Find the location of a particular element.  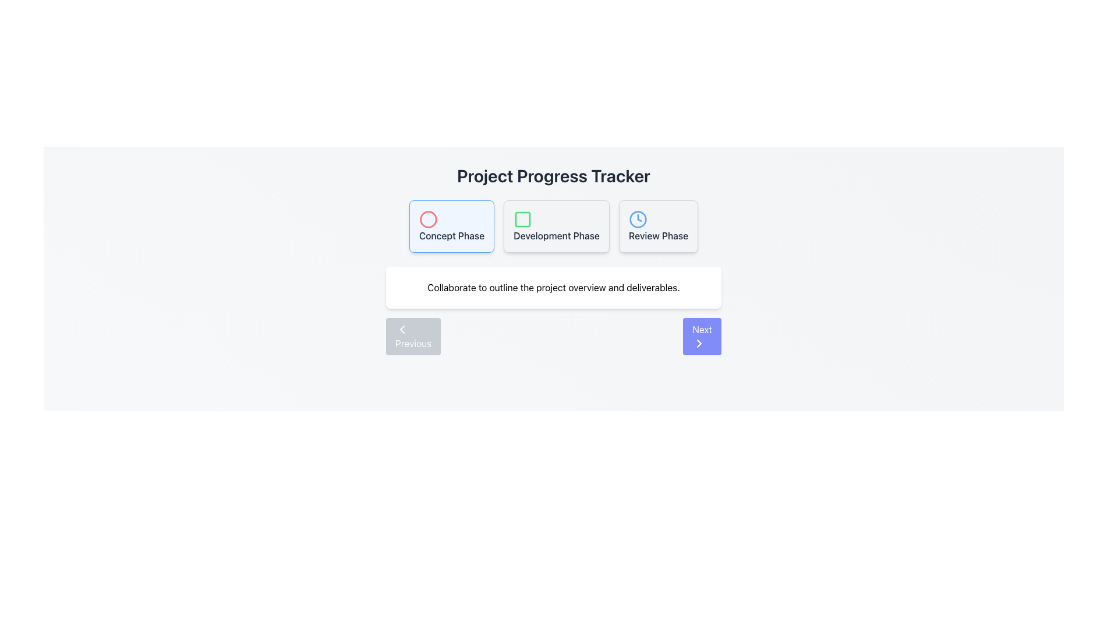

the decorative SVG Circle element that is part of the clock icon in the 'Review Phase' section of the progress tracker is located at coordinates (637, 220).